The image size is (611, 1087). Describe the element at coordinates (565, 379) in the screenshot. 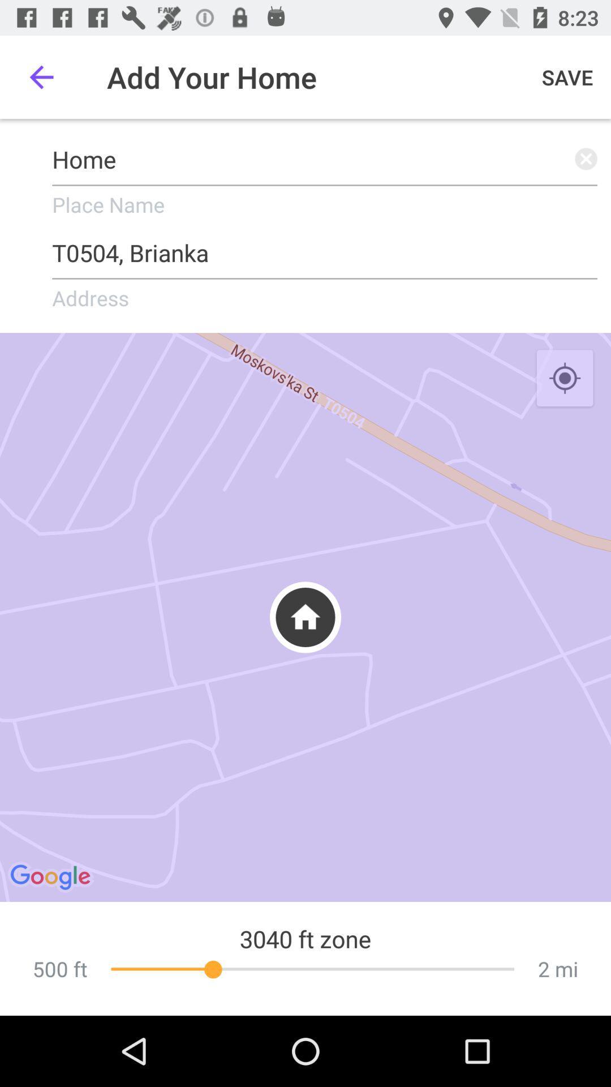

I see `item below t0504, brianka item` at that location.